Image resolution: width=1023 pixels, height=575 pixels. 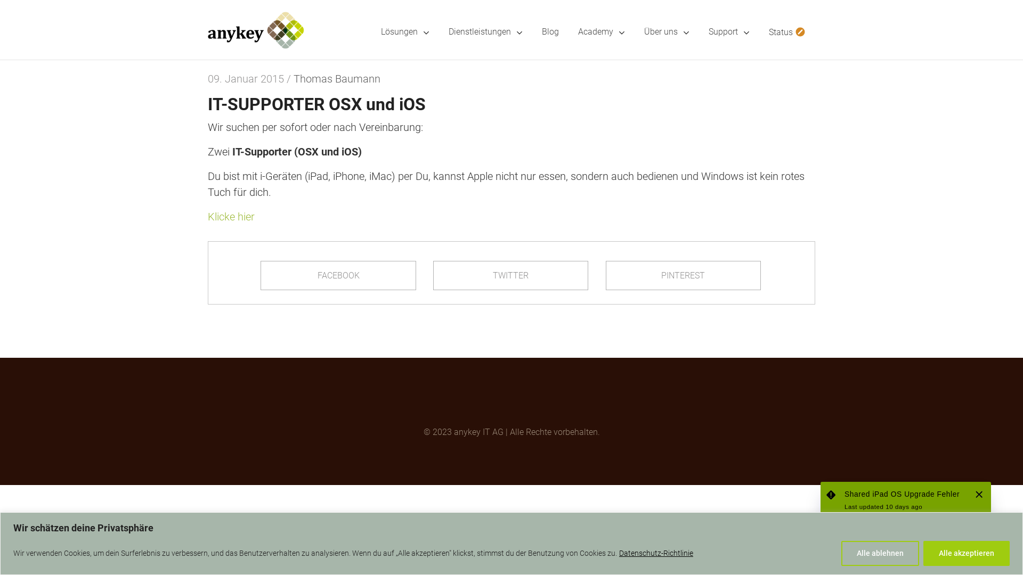 What do you see at coordinates (485, 20) in the screenshot?
I see `'Dienstleistungen'` at bounding box center [485, 20].